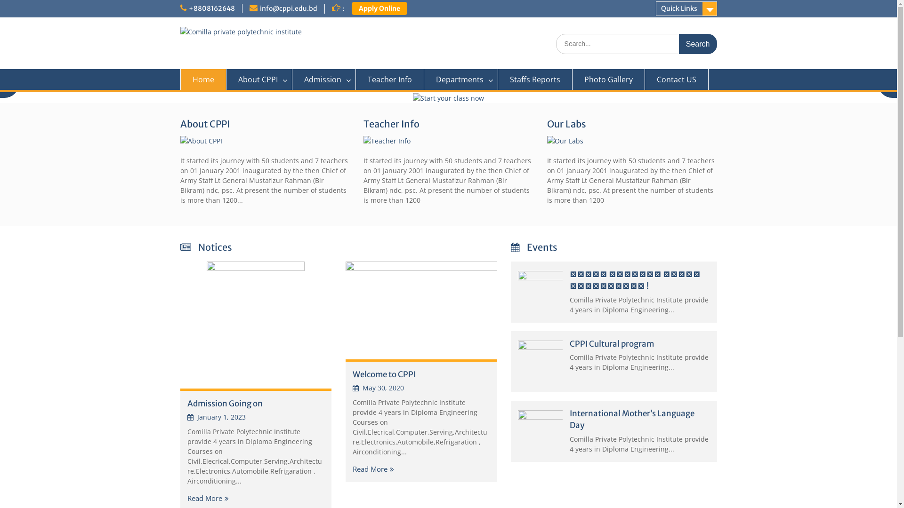 This screenshot has width=904, height=508. I want to click on 'Admission Going on', so click(225, 403).